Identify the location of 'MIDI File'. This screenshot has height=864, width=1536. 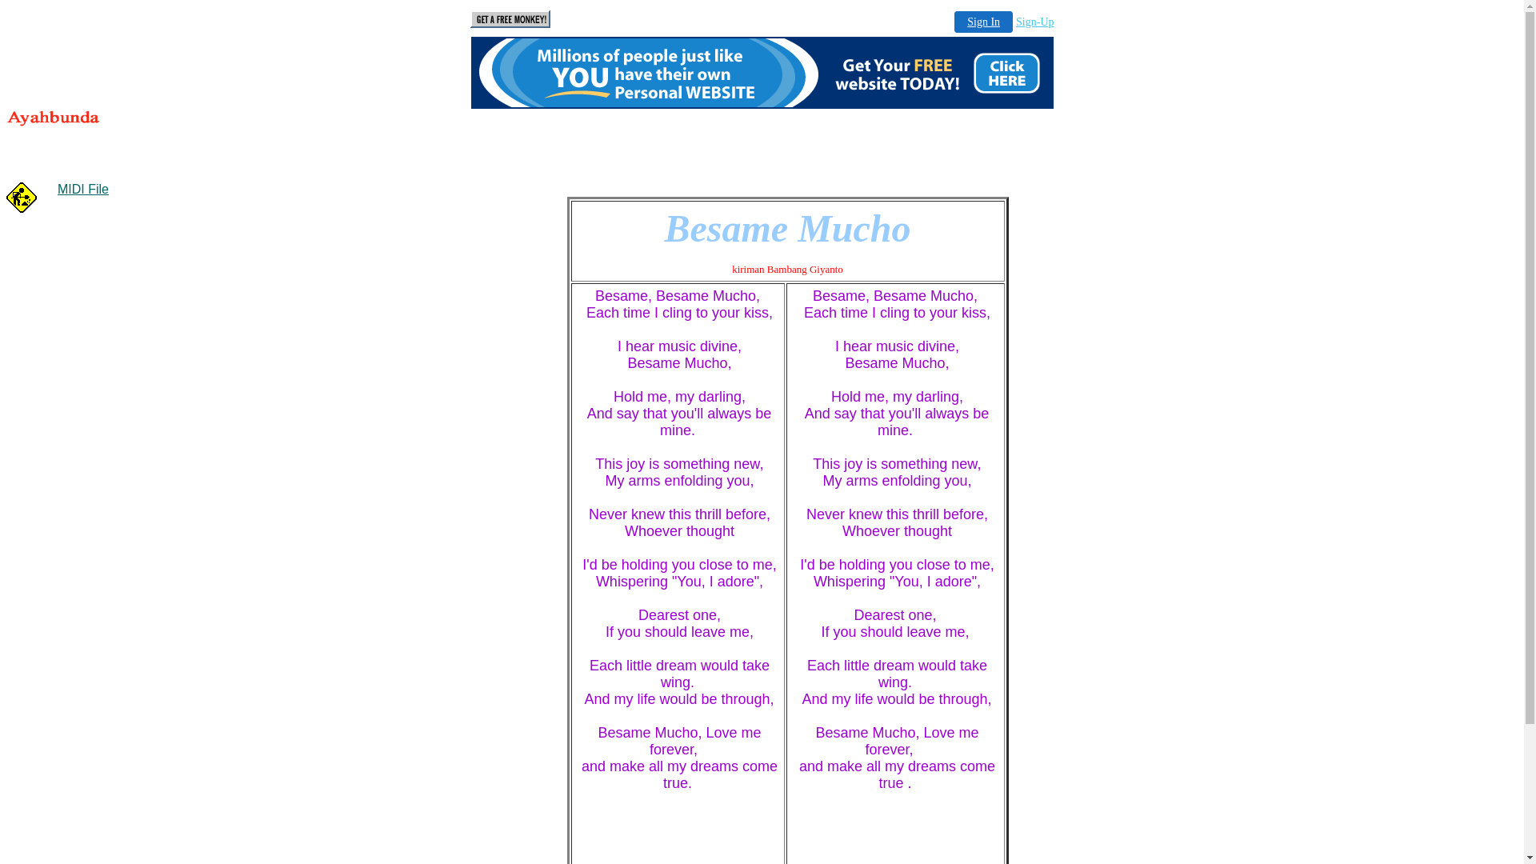
(82, 188).